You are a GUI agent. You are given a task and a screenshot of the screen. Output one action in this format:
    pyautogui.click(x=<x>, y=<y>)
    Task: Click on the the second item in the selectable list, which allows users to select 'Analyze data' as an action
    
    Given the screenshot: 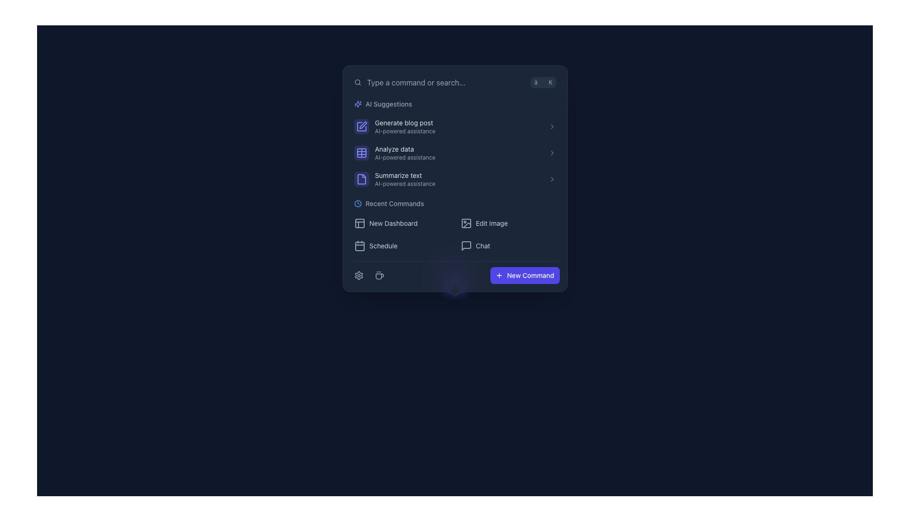 What is the action you would take?
    pyautogui.click(x=455, y=153)
    